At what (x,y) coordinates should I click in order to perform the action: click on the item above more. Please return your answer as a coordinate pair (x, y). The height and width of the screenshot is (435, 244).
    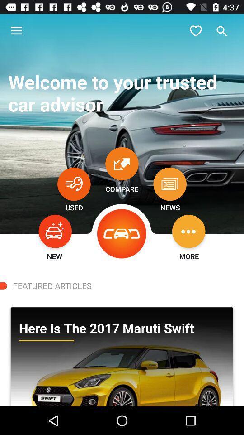
    Looking at the image, I should click on (188, 231).